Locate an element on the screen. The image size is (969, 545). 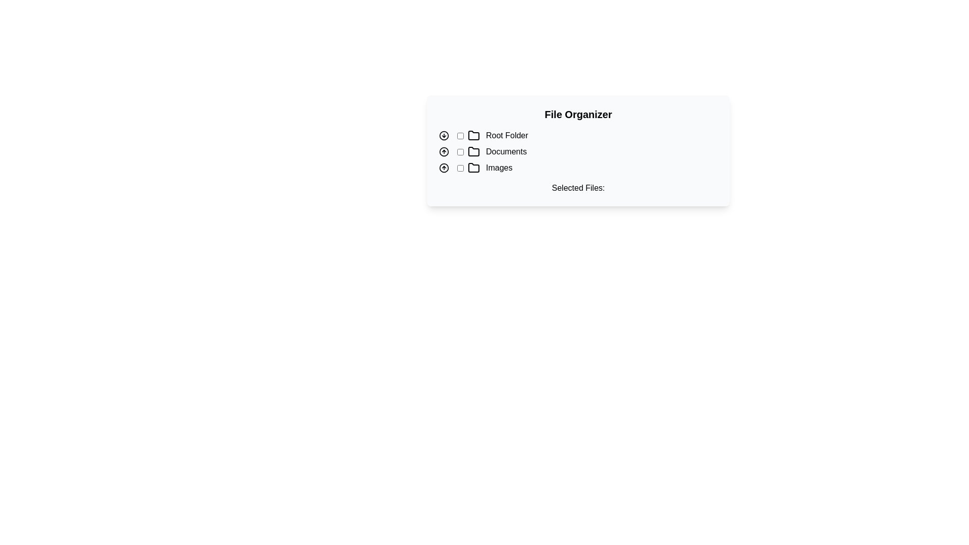
the folder icon with a black outline and white background, which is positioned next to the label 'Documents' in the file organizer component is located at coordinates (473, 151).